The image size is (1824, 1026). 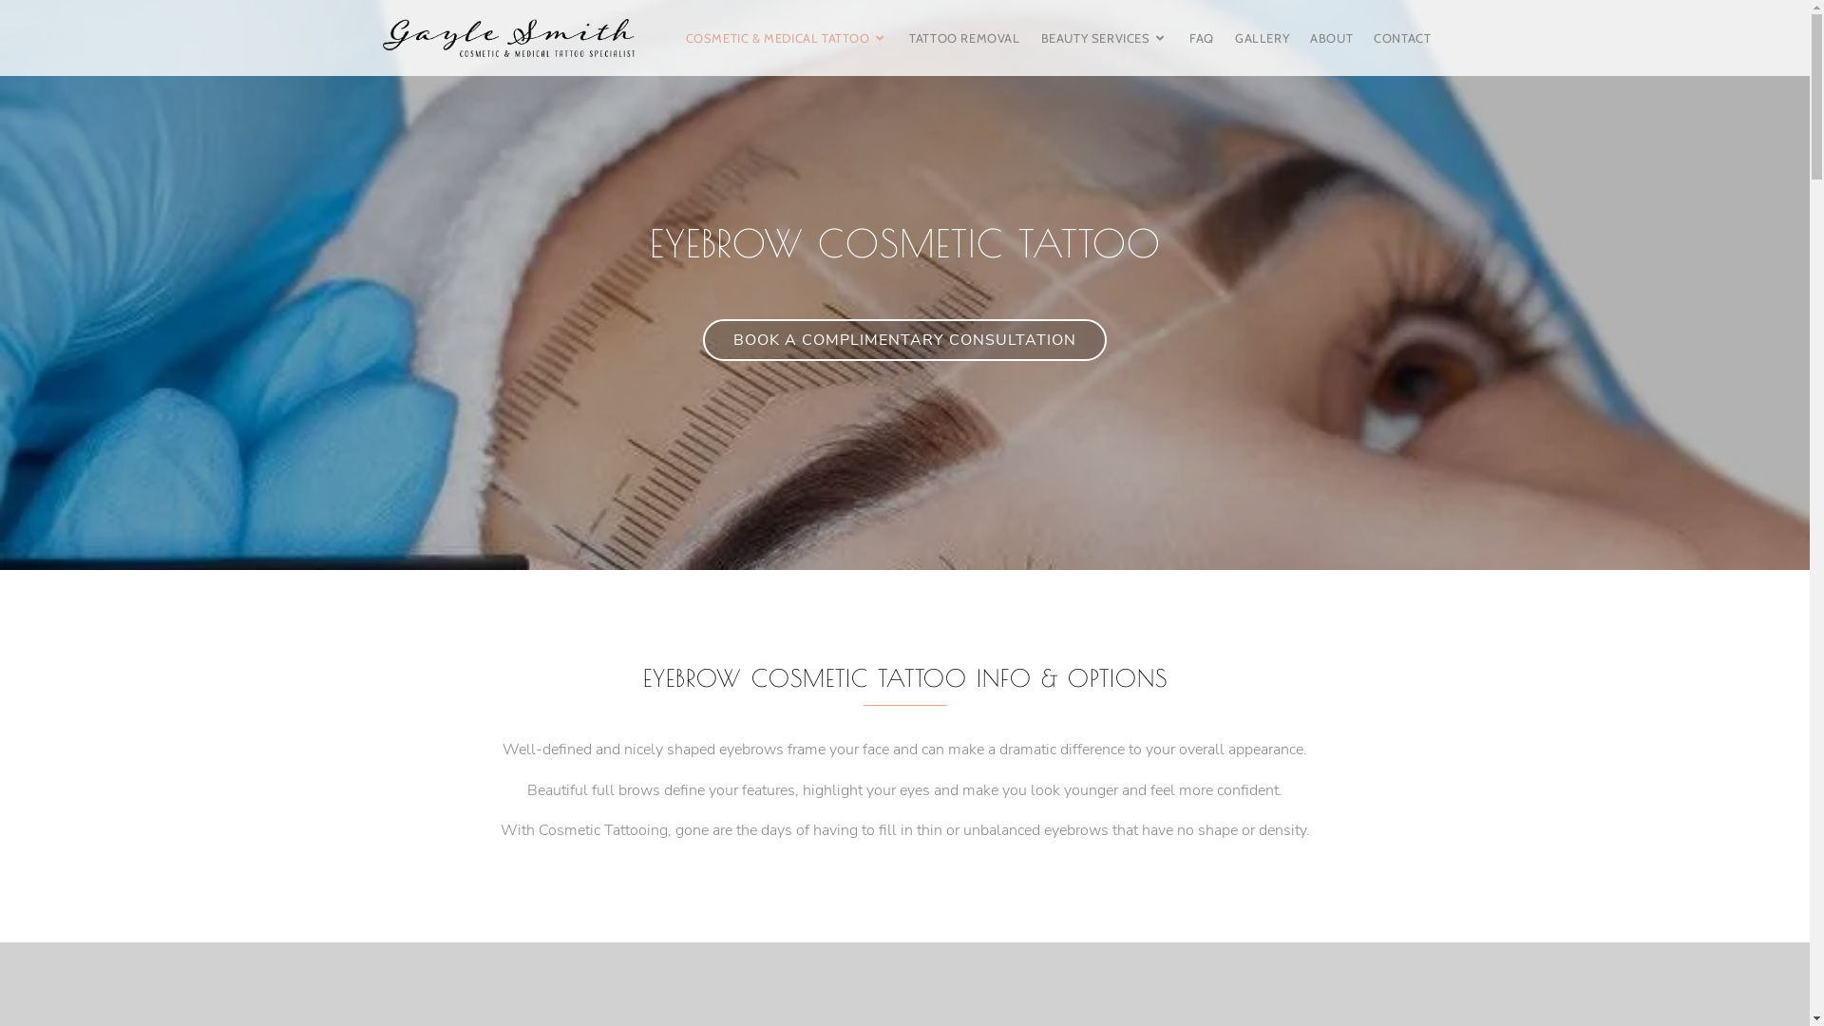 What do you see at coordinates (903, 339) in the screenshot?
I see `'BOOK A COMPLIMENTARY CONSULTATION'` at bounding box center [903, 339].